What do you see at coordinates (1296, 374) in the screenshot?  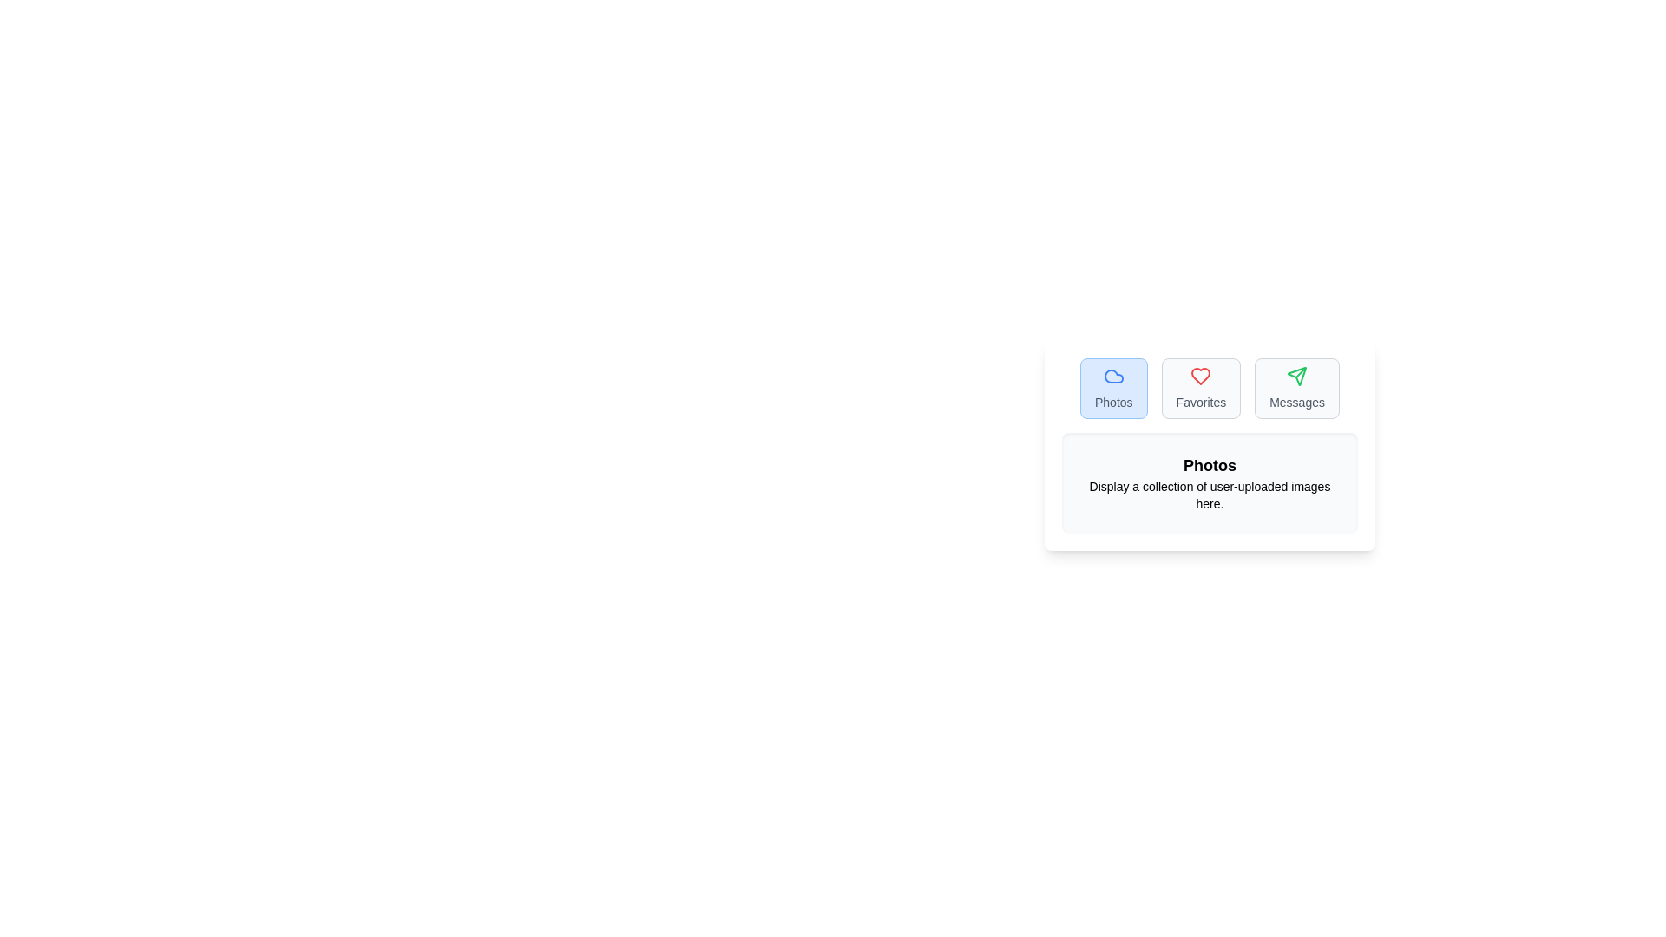 I see `the green outlined paper airplane icon located in the 'Messages' section for action functionality` at bounding box center [1296, 374].